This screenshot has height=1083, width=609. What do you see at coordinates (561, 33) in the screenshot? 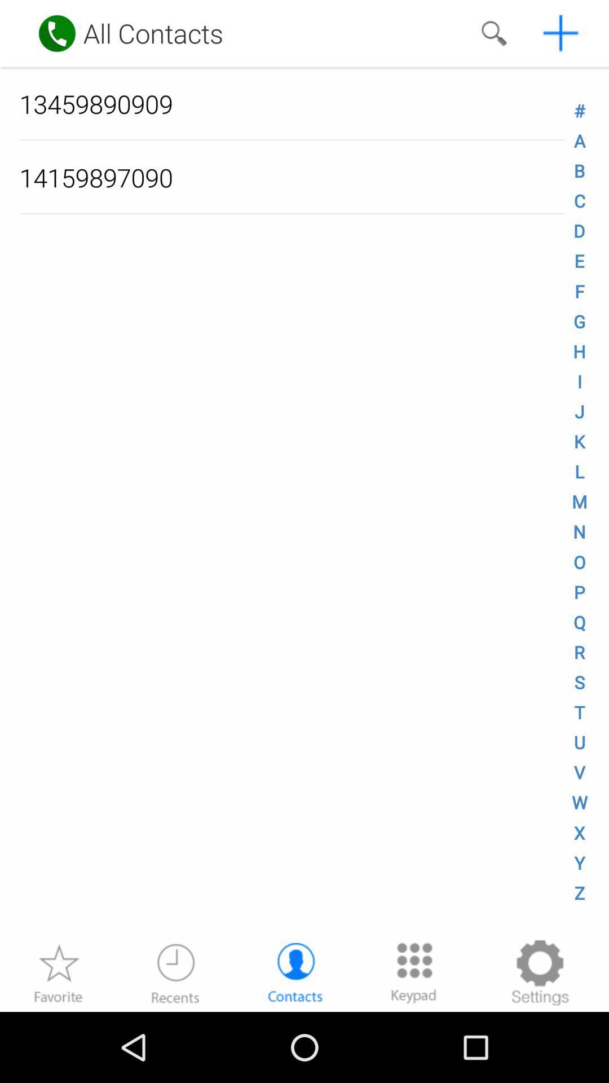
I see `the button on the top right side of the web page` at bounding box center [561, 33].